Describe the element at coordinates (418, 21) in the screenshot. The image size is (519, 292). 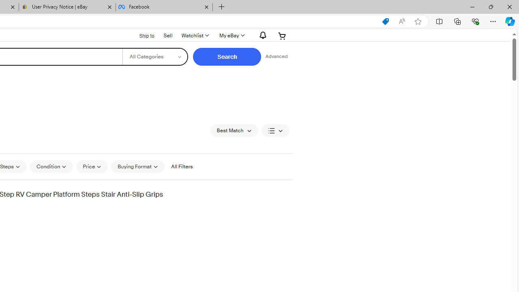
I see `'Add this page to favorites (Ctrl+D)'` at that location.